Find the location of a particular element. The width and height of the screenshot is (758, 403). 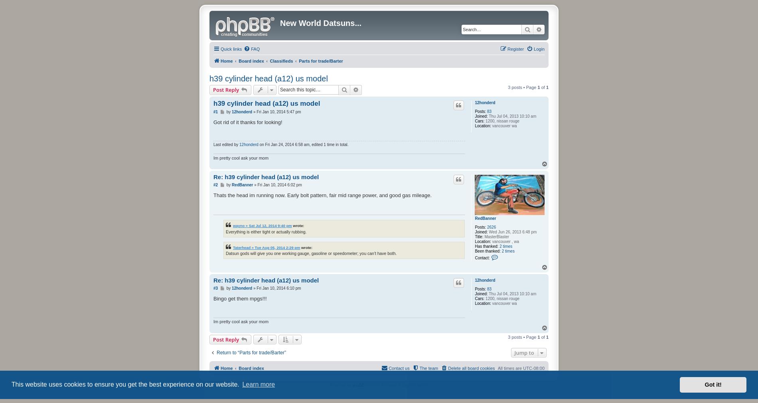

'New World Datsuns...' is located at coordinates (320, 22).